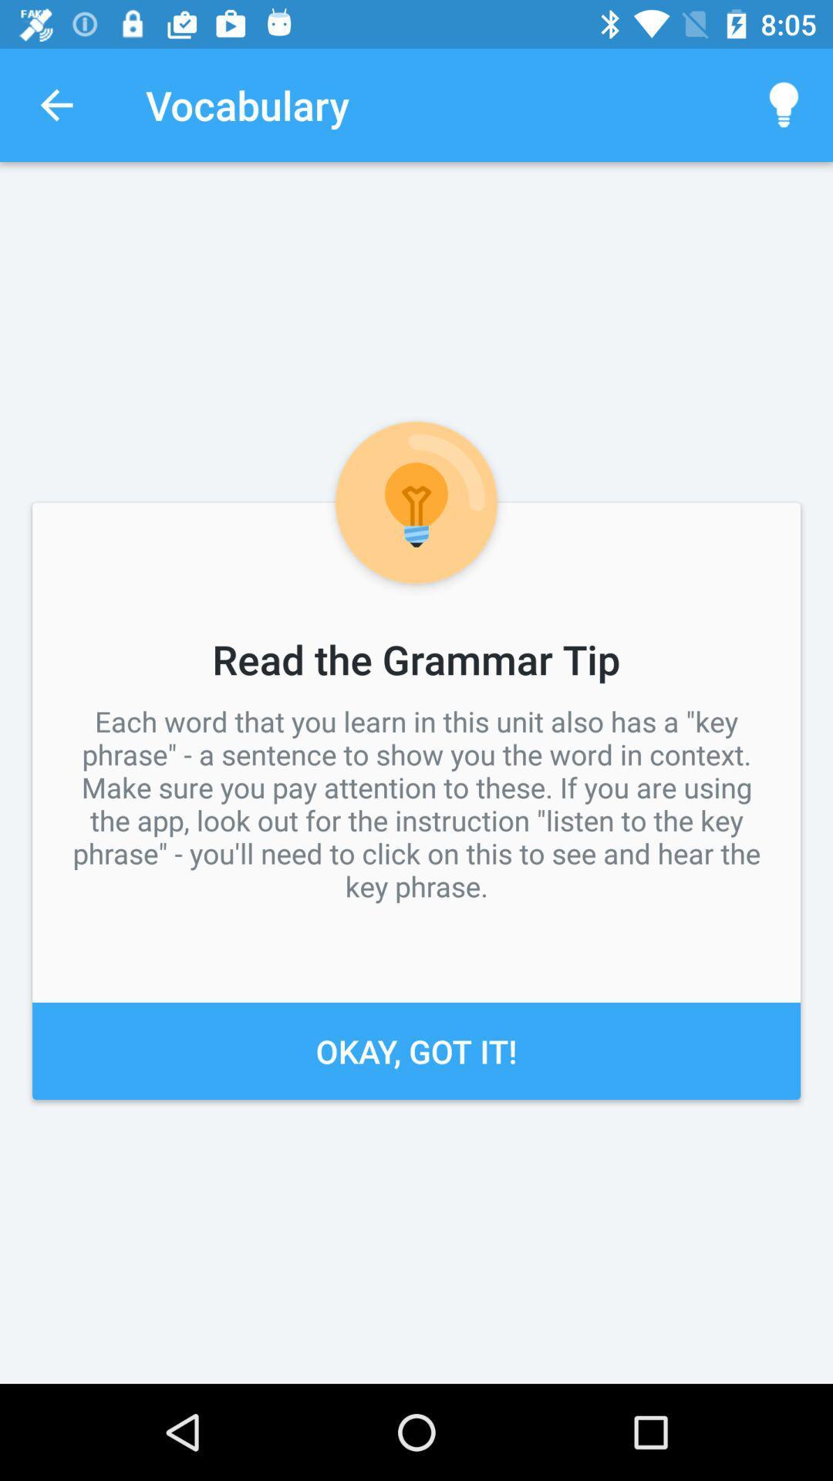  Describe the element at coordinates (416, 1050) in the screenshot. I see `the item below each word that item` at that location.